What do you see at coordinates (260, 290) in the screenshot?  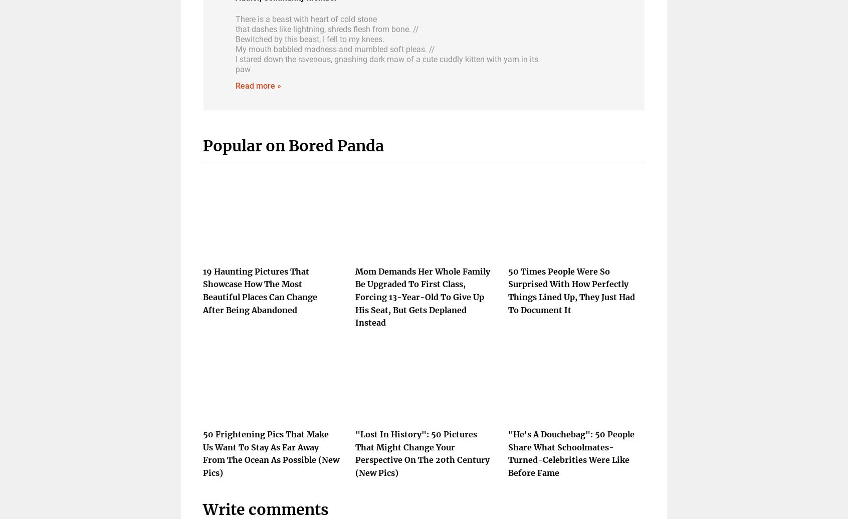 I see `'19 Haunting Pictures That Showcase How The Most Beautiful Places Can Change After Being Abandoned'` at bounding box center [260, 290].